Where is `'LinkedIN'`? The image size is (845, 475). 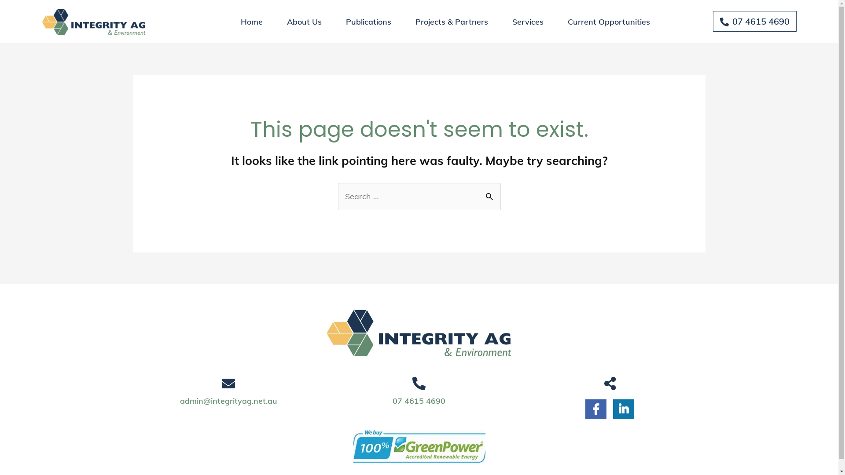 'LinkedIN' is located at coordinates (623, 408).